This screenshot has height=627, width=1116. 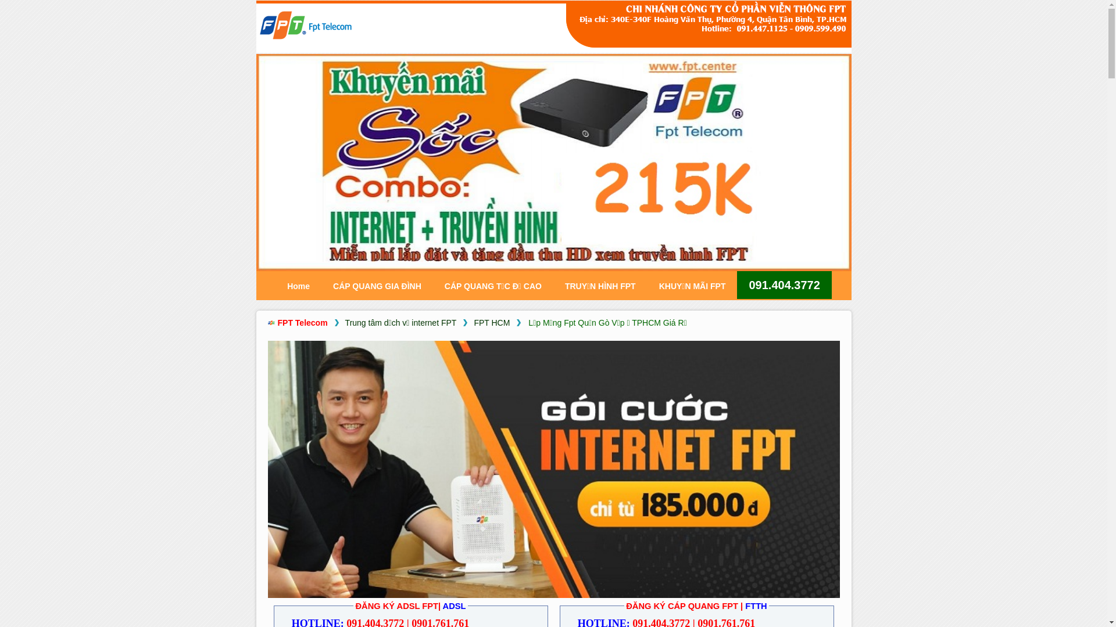 What do you see at coordinates (491, 323) in the screenshot?
I see `'FPT HCM'` at bounding box center [491, 323].